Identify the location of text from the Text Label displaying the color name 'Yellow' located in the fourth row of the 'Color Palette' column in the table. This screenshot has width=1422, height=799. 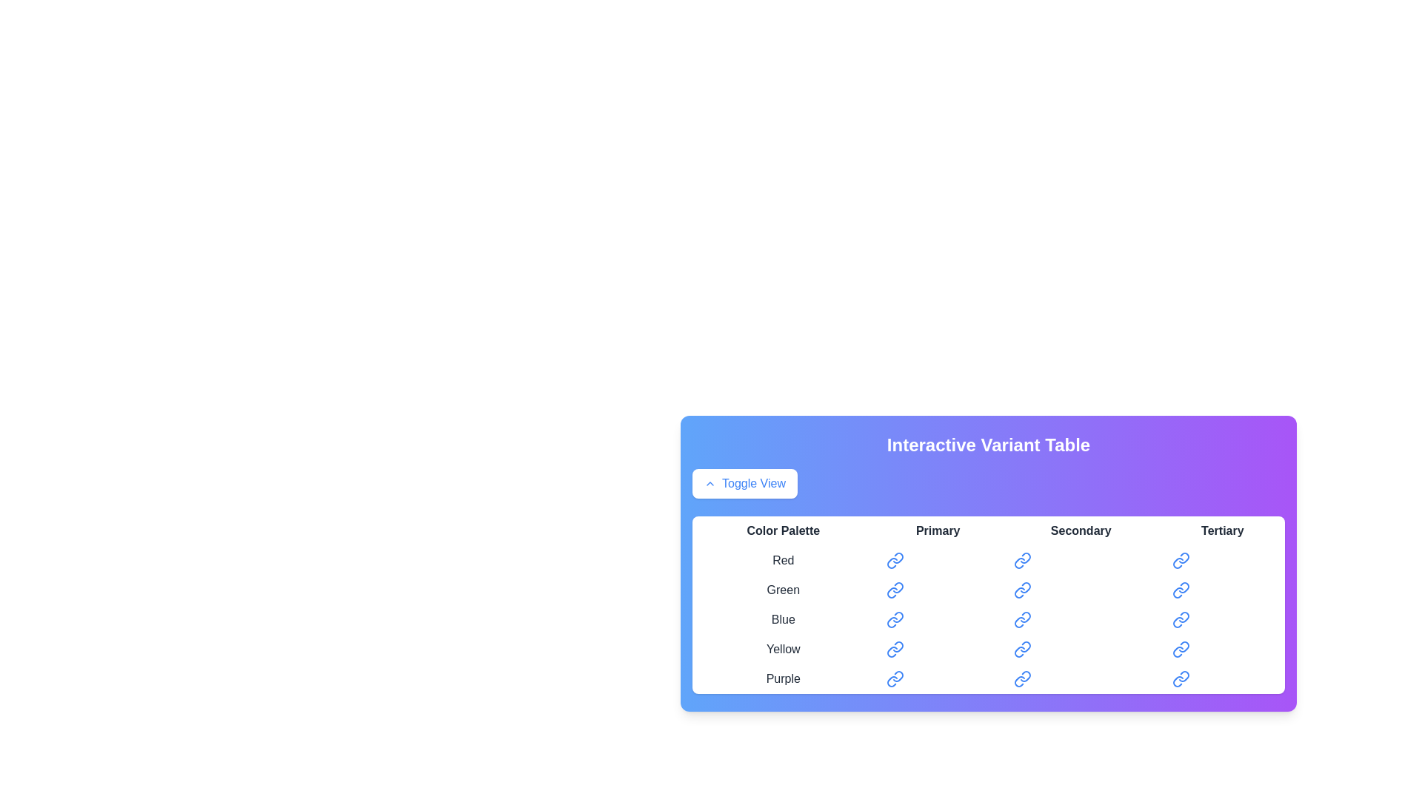
(782, 649).